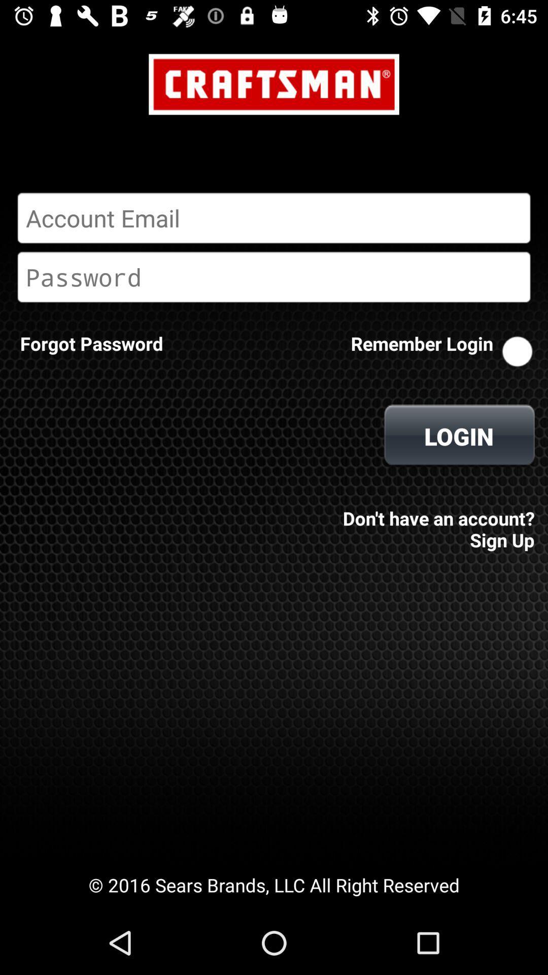 Image resolution: width=548 pixels, height=975 pixels. Describe the element at coordinates (435, 522) in the screenshot. I see `the icon above 2016 sears brands icon` at that location.